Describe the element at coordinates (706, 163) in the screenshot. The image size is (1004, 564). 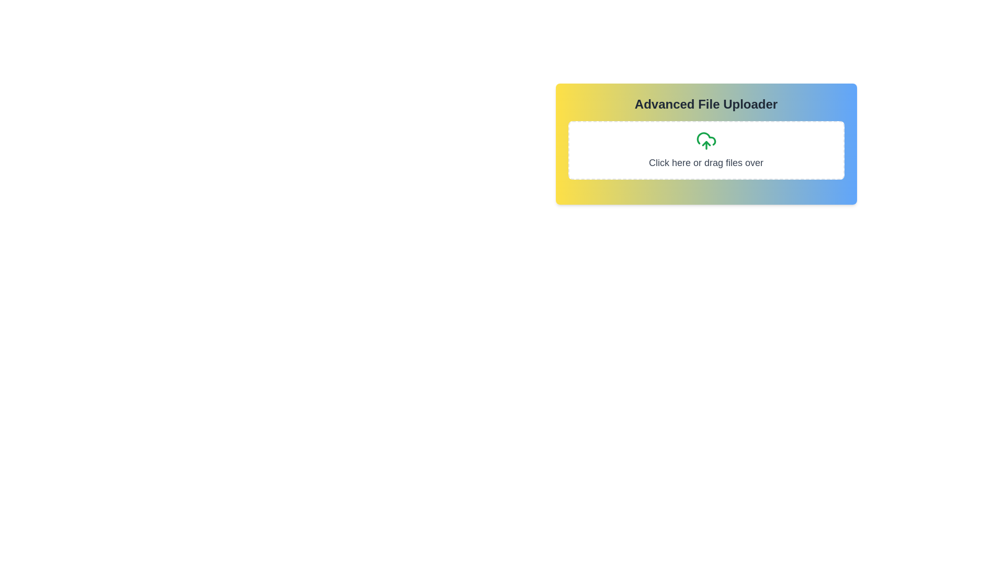
I see `text label that instructs users to 'Click here or drag files over', located at the bottom of the file upload component, centrally positioned within the uploader area` at that location.